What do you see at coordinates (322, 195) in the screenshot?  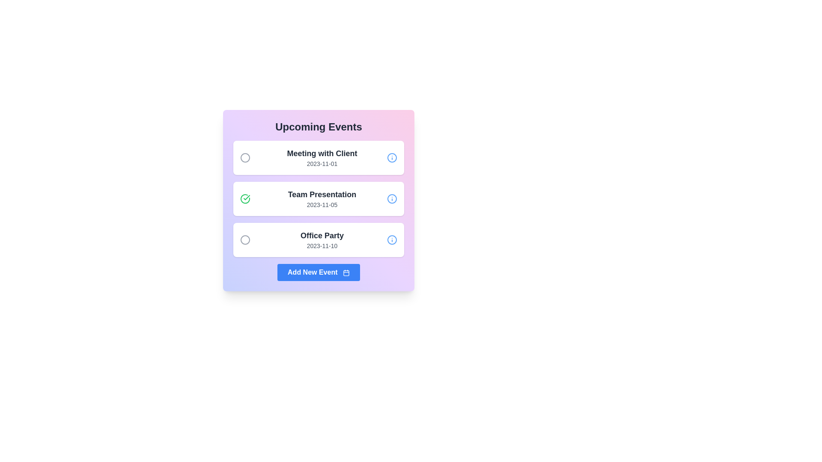 I see `the 'Team Presentation' text label, which identifies the event in a list of upcoming events` at bounding box center [322, 195].